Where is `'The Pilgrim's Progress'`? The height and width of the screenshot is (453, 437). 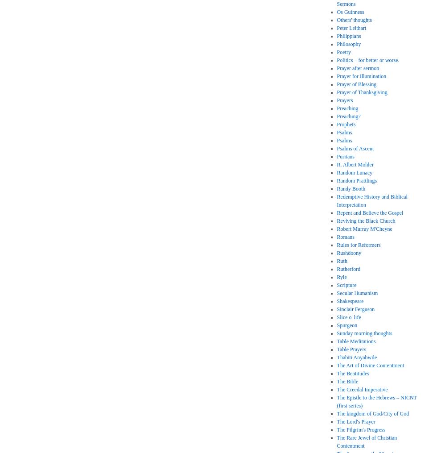 'The Pilgrim's Progress' is located at coordinates (361, 430).